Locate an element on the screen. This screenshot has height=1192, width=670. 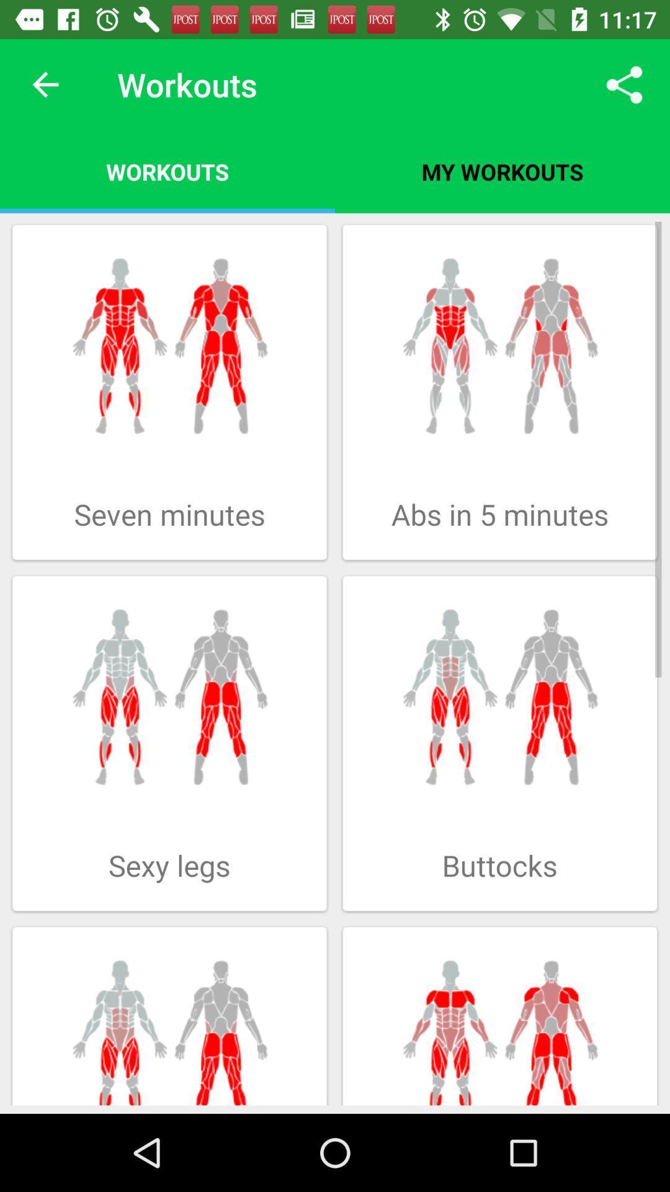
the app next to the workouts app is located at coordinates (624, 84).